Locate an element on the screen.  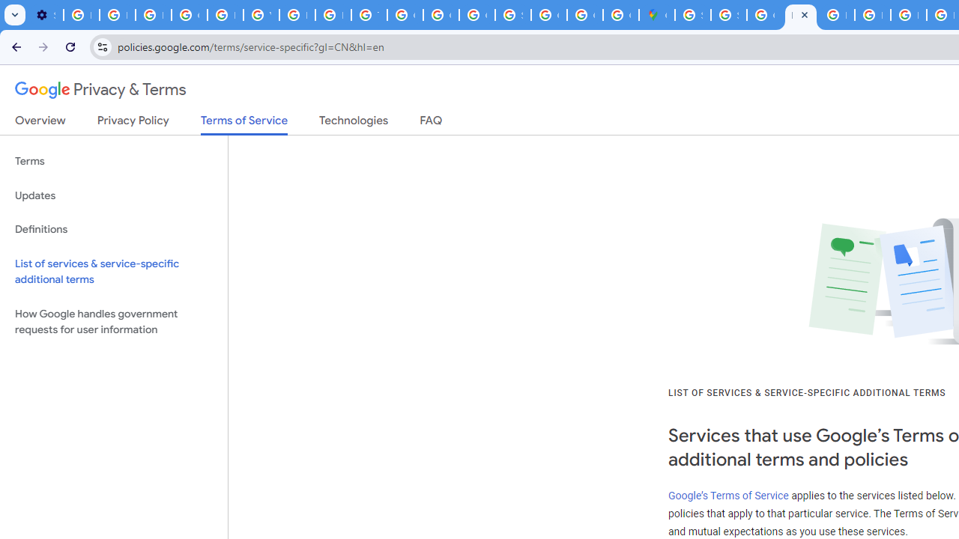
'Sign in - Google Accounts' is located at coordinates (728, 15).